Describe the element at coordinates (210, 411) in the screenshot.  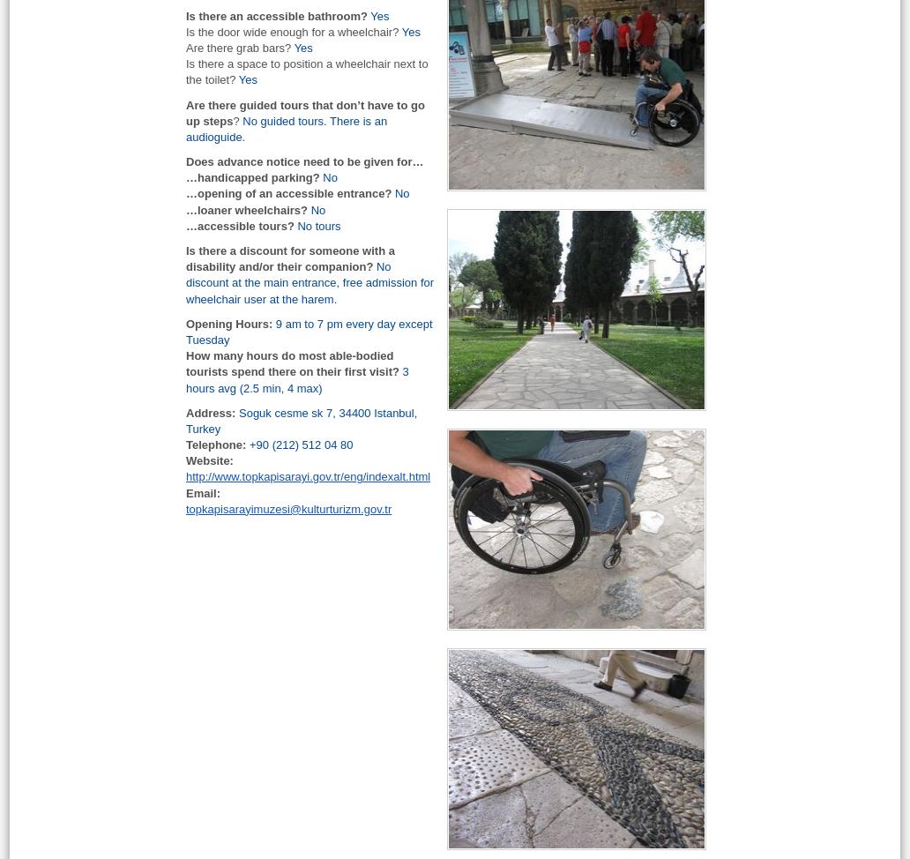
I see `'Address:'` at that location.